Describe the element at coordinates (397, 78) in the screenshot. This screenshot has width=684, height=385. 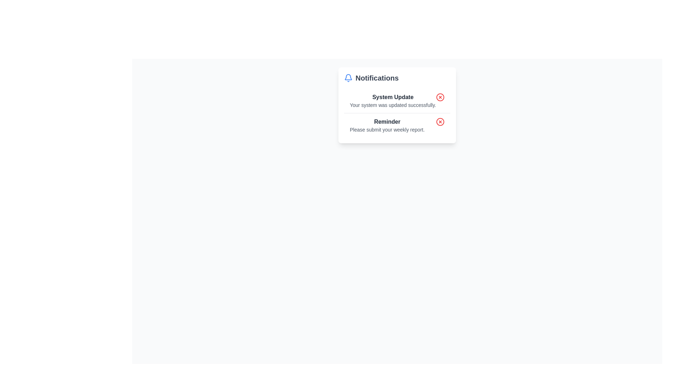
I see `the header section displaying 'Notifications', which includes a blue outlined bell icon and is visually separated from the components below it` at that location.